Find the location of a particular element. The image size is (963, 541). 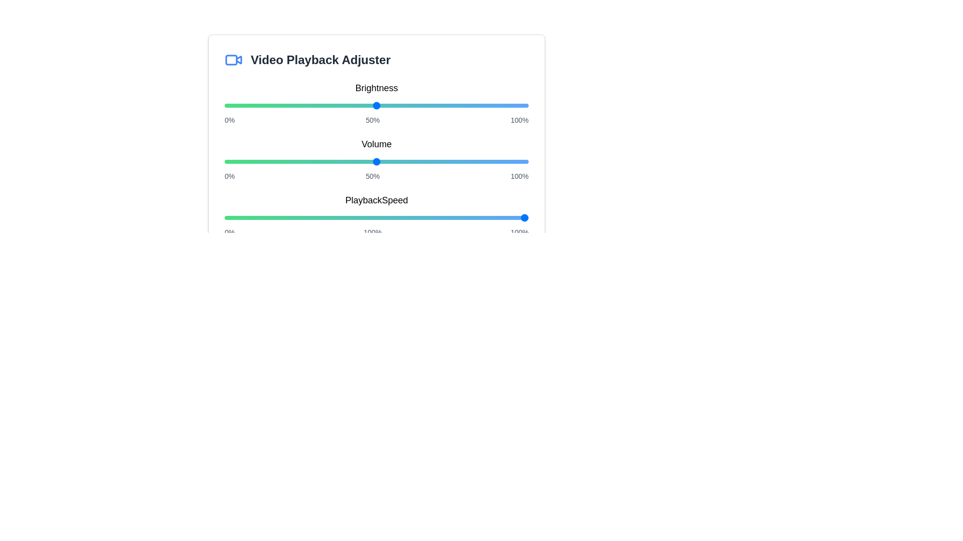

the playback speed slider to 23% is located at coordinates (294, 217).